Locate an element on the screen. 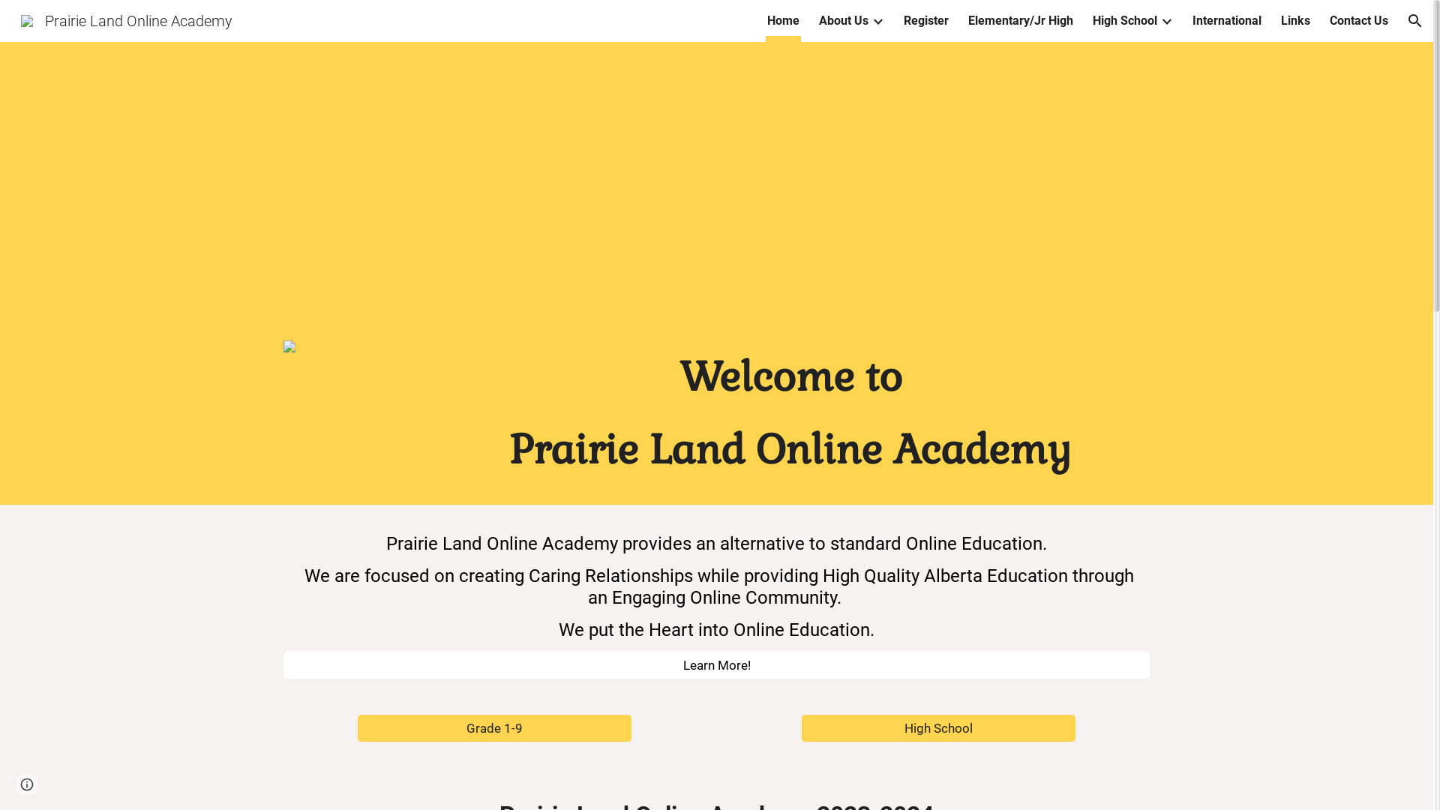 This screenshot has height=810, width=1440. 'Register' is located at coordinates (925, 20).